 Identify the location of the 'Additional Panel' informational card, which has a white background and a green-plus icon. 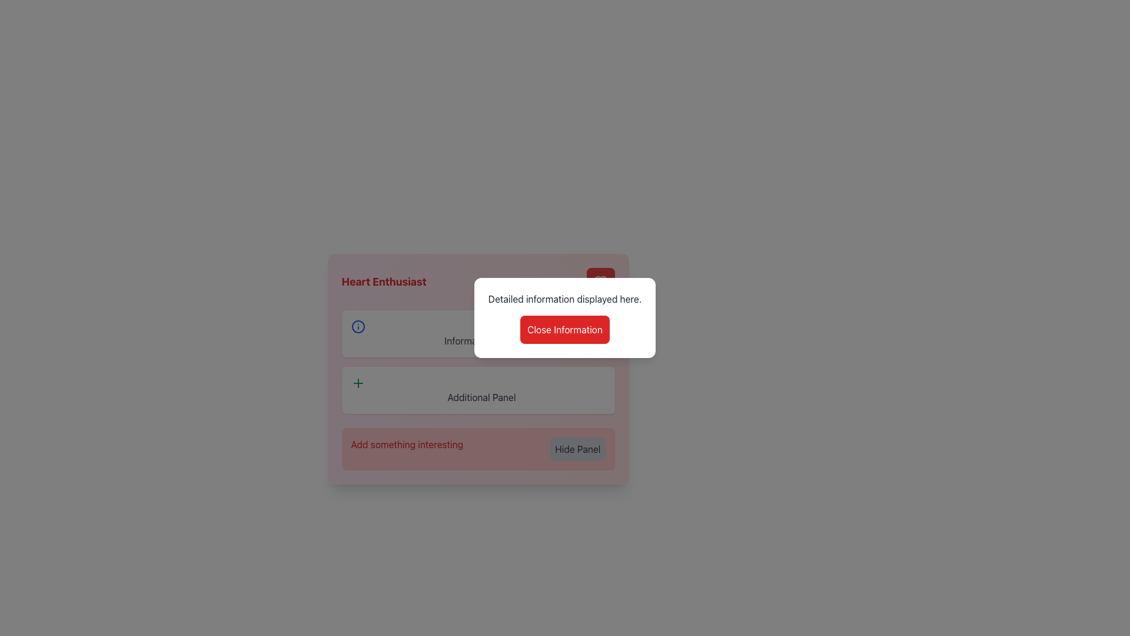
(478, 390).